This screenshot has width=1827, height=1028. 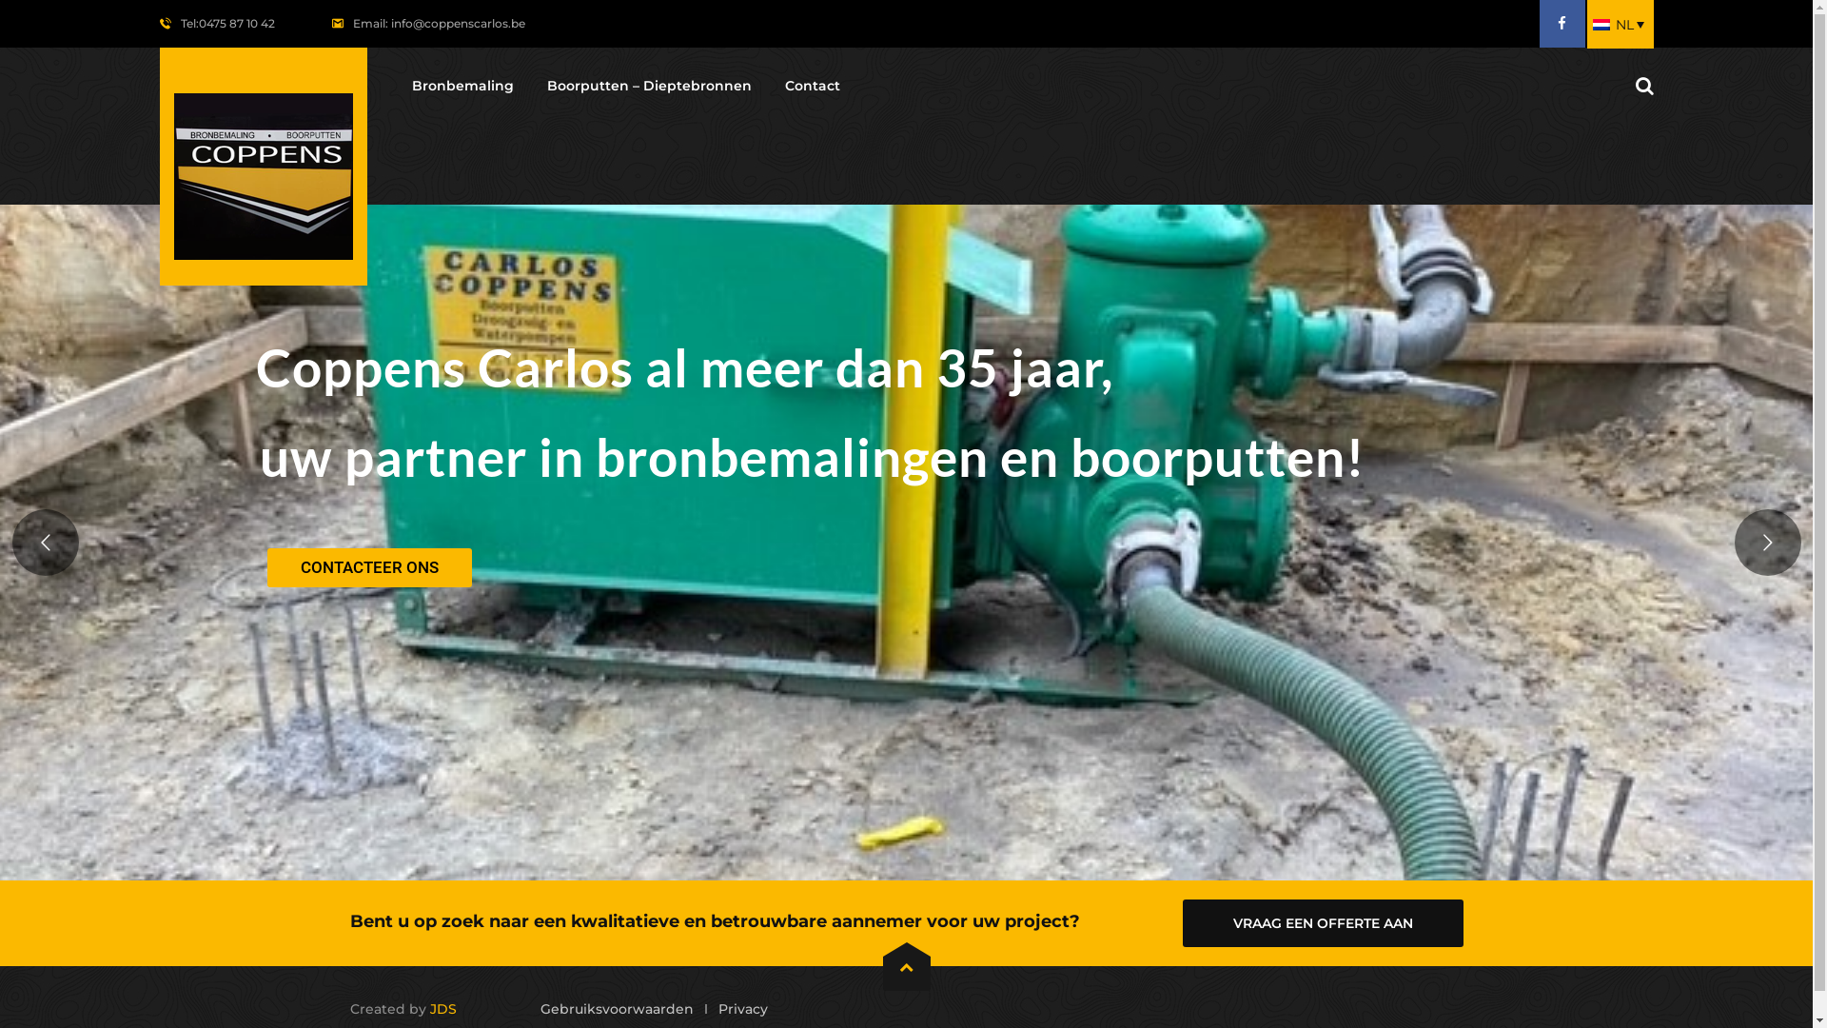 What do you see at coordinates (265, 566) in the screenshot?
I see `'CONTACTEER ONS'` at bounding box center [265, 566].